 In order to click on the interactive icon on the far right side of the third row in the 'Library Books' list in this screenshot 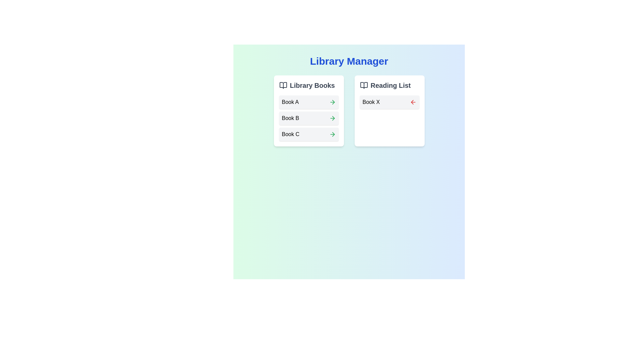, I will do `click(332, 134)`.